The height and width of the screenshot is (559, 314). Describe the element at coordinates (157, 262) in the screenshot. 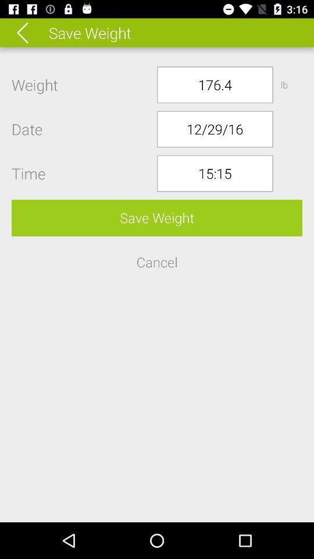

I see `the cancel icon` at that location.